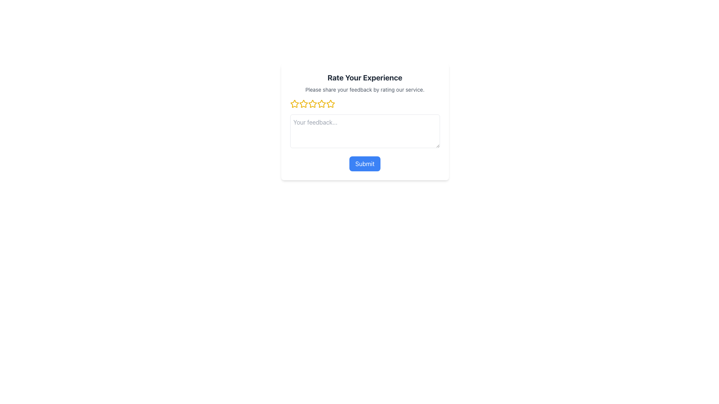 This screenshot has height=404, width=719. What do you see at coordinates (365, 89) in the screenshot?
I see `the text label displaying 'Please share your feedback by rating our service.' which is positioned beneath the title 'Rate Your Experience'` at bounding box center [365, 89].